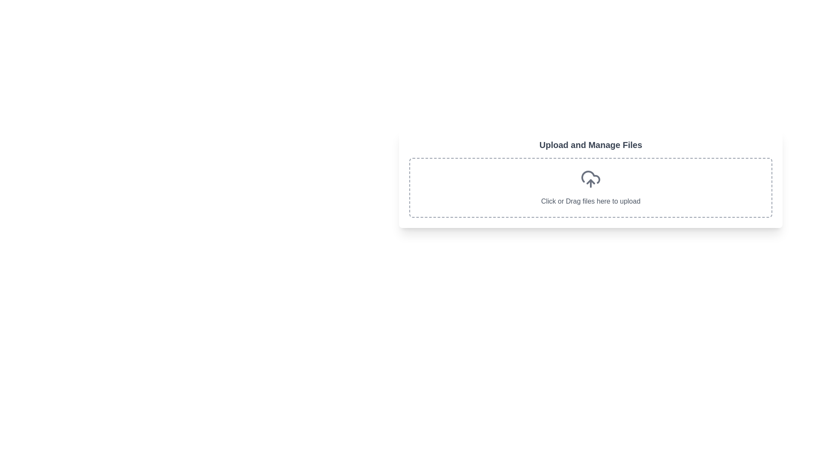 The image size is (822, 462). What do you see at coordinates (590, 177) in the screenshot?
I see `and drop files into the upload icon area, which is centered under the header 'Upload and Manage Files' and above the text 'Click or Drag files here` at bounding box center [590, 177].